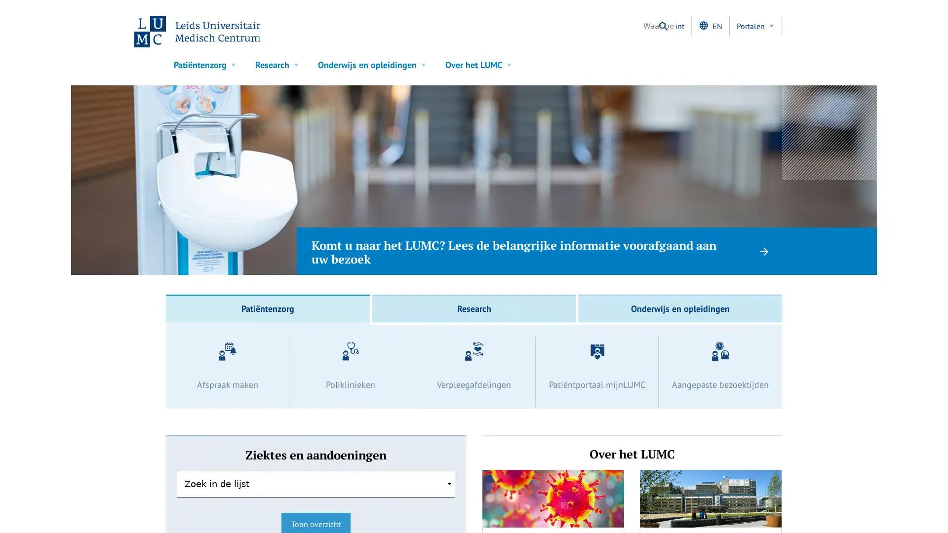 The image size is (948, 533). Describe the element at coordinates (755, 26) in the screenshot. I see `Portalen` at that location.